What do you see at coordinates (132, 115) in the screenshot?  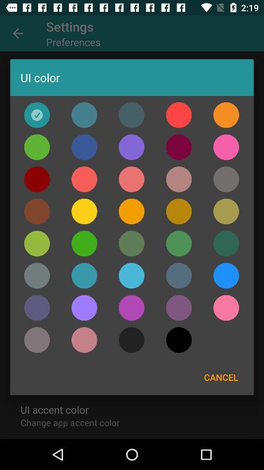 I see `choose a ui color` at bounding box center [132, 115].